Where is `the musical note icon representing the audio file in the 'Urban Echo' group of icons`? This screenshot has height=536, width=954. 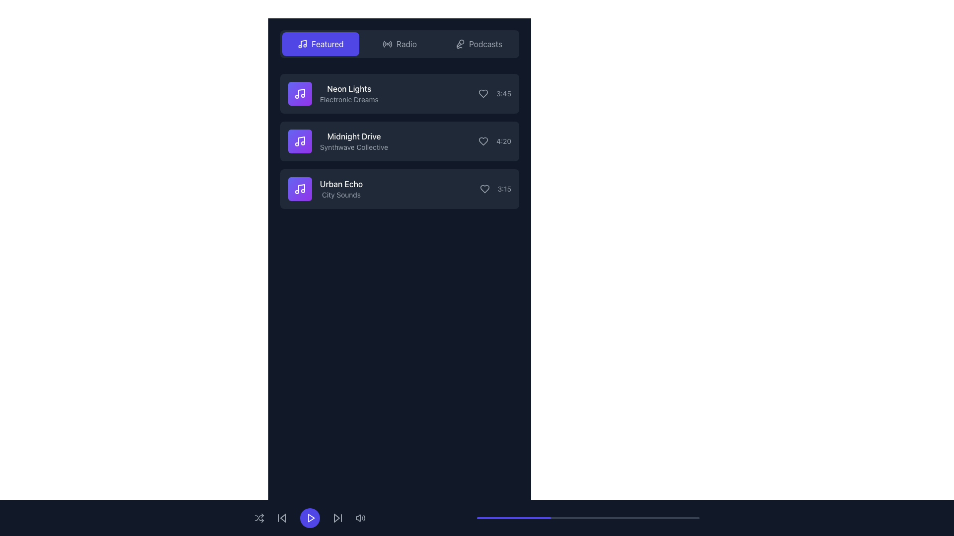
the musical note icon representing the audio file in the 'Urban Echo' group of icons is located at coordinates (301, 188).